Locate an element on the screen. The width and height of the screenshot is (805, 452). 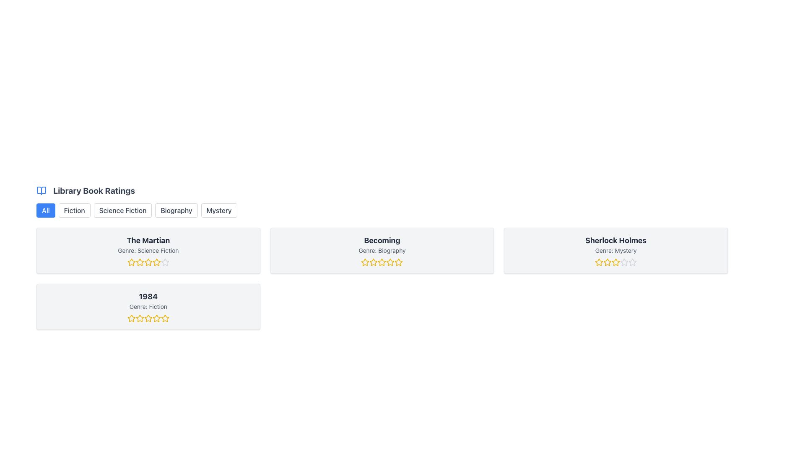
the second star icon from the left in the rating section beneath the 'Becoming' book card to rate this star is located at coordinates (365, 262).